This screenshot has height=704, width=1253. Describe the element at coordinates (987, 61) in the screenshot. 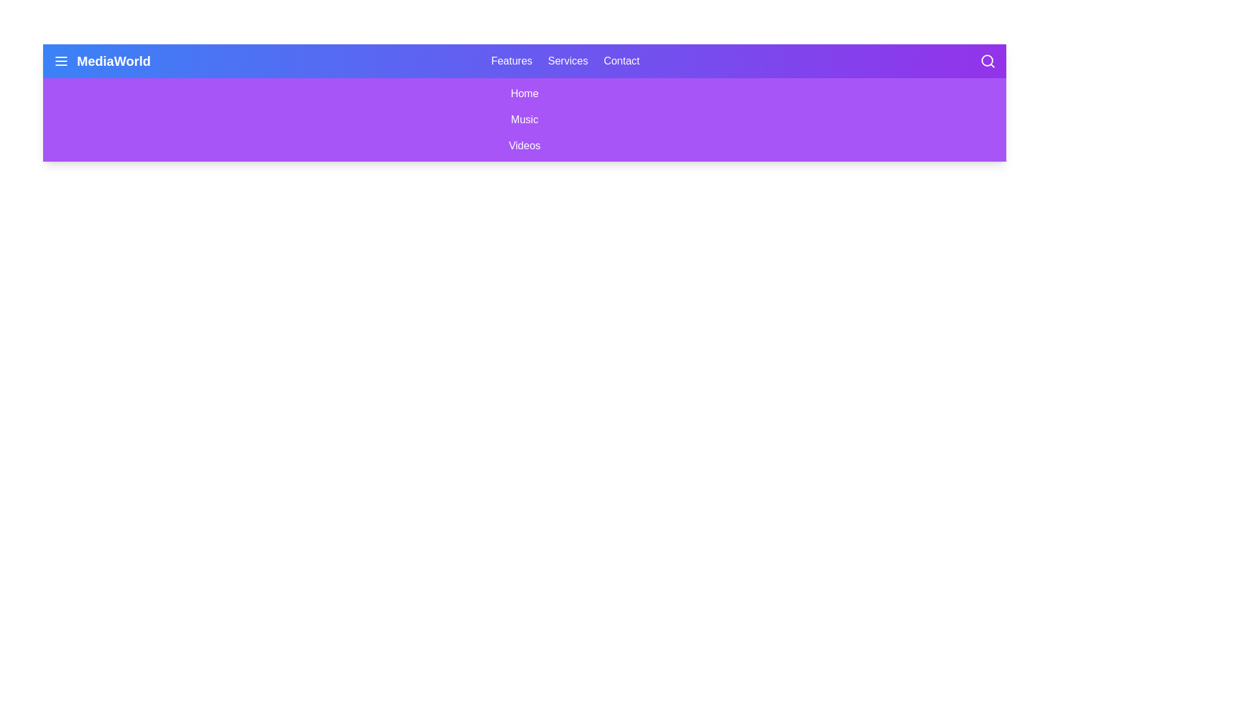

I see `the search button located in the top-right corner of the navigation bar` at that location.